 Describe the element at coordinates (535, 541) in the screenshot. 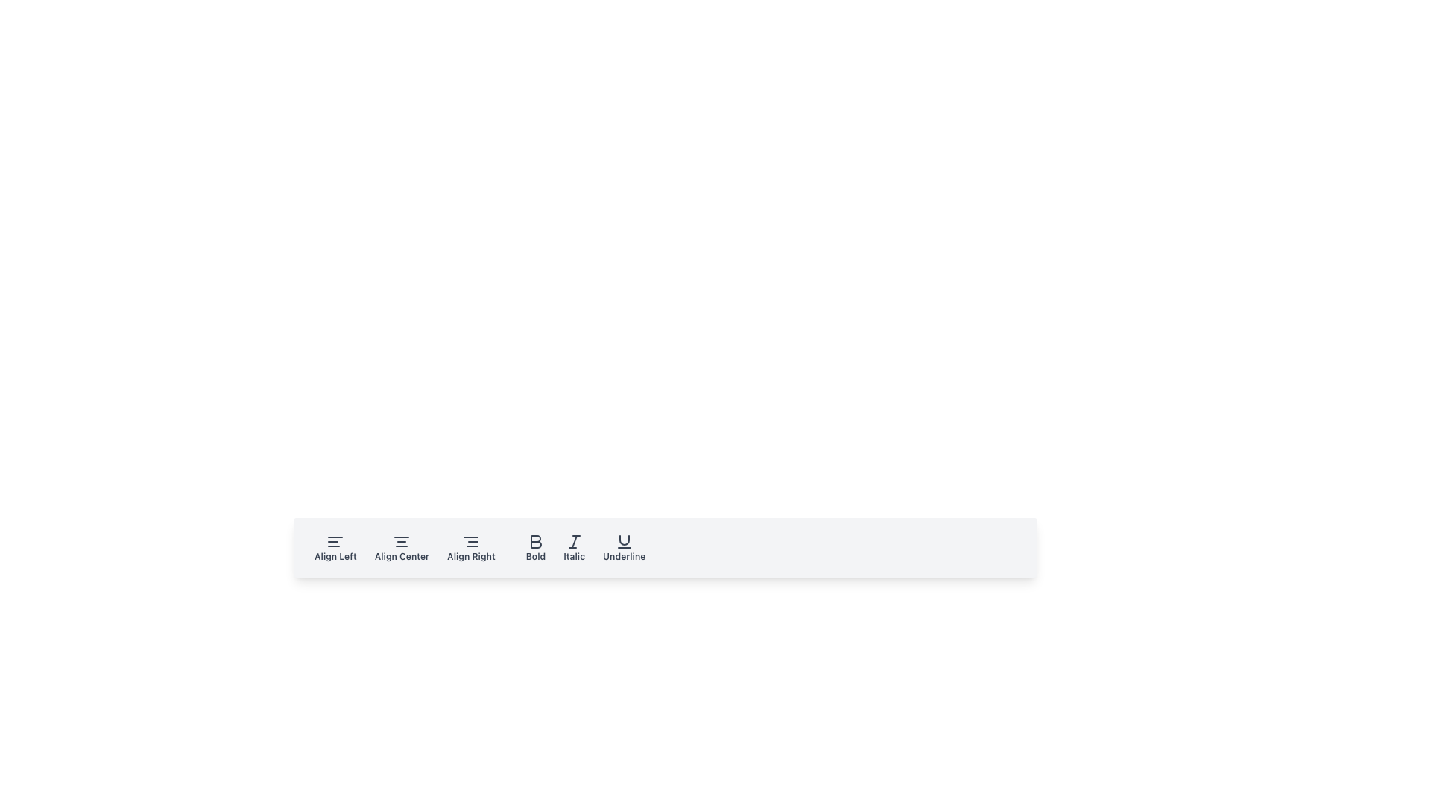

I see `the 'Bold' icon button in the toolbar` at that location.